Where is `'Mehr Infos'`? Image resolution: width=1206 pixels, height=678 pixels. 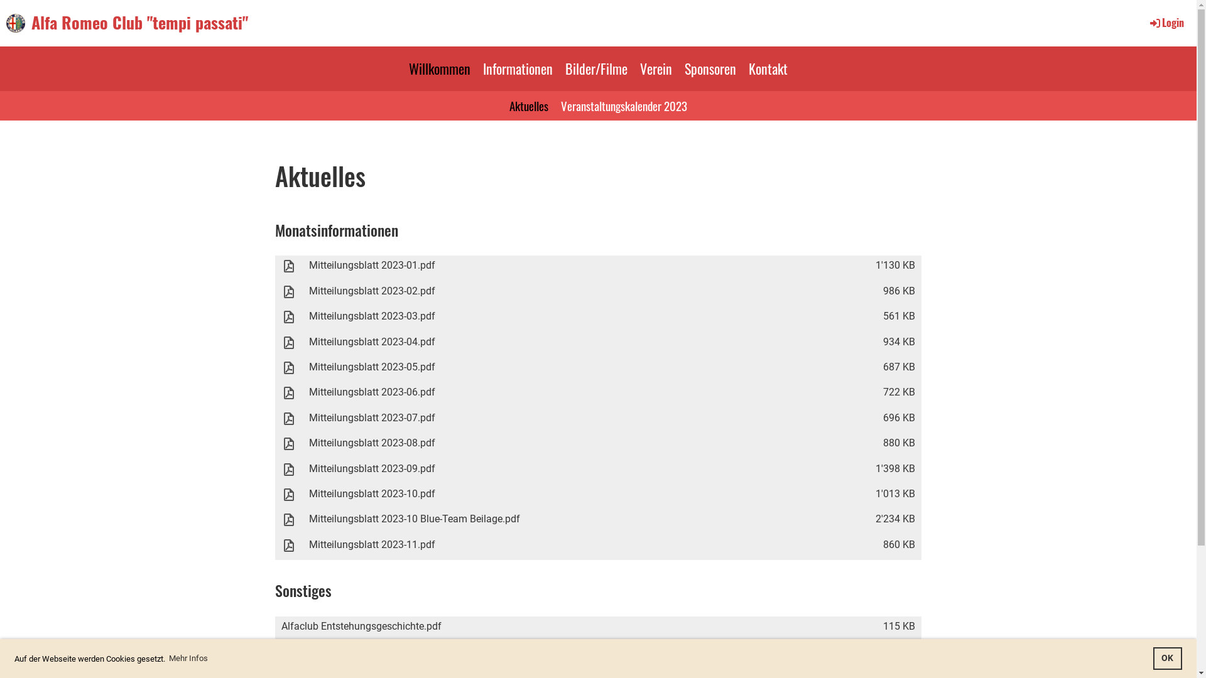
'Mehr Infos' is located at coordinates (187, 658).